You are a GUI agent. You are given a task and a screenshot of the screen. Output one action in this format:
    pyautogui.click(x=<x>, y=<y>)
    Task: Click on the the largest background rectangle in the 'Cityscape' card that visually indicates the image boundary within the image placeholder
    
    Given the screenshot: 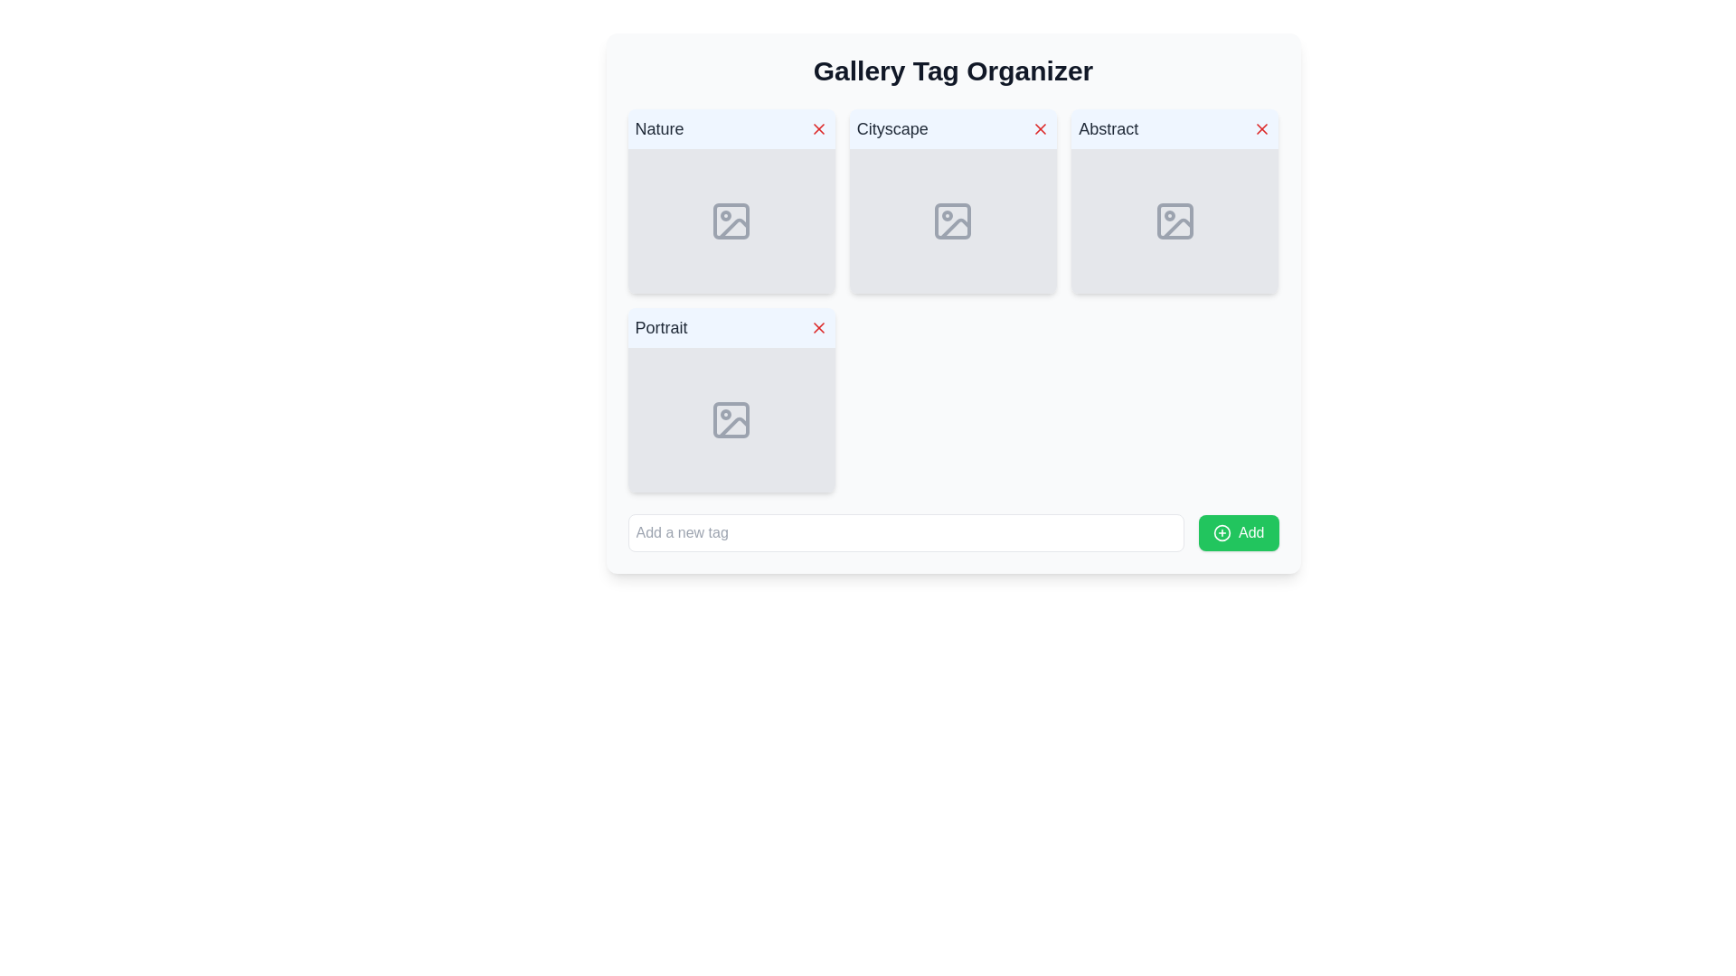 What is the action you would take?
    pyautogui.click(x=952, y=221)
    